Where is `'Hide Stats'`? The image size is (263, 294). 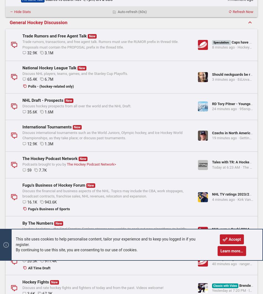
'Hide Stats' is located at coordinates (22, 11).